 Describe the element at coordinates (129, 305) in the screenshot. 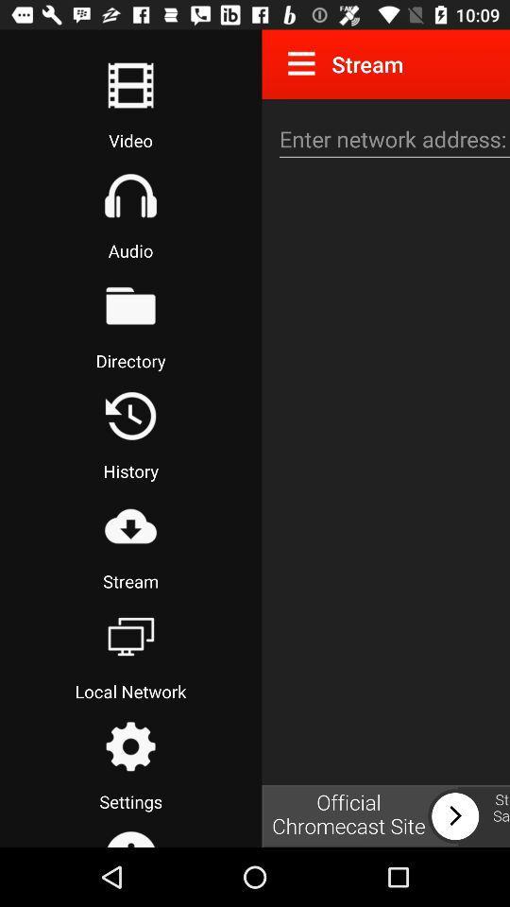

I see `directory folder` at that location.